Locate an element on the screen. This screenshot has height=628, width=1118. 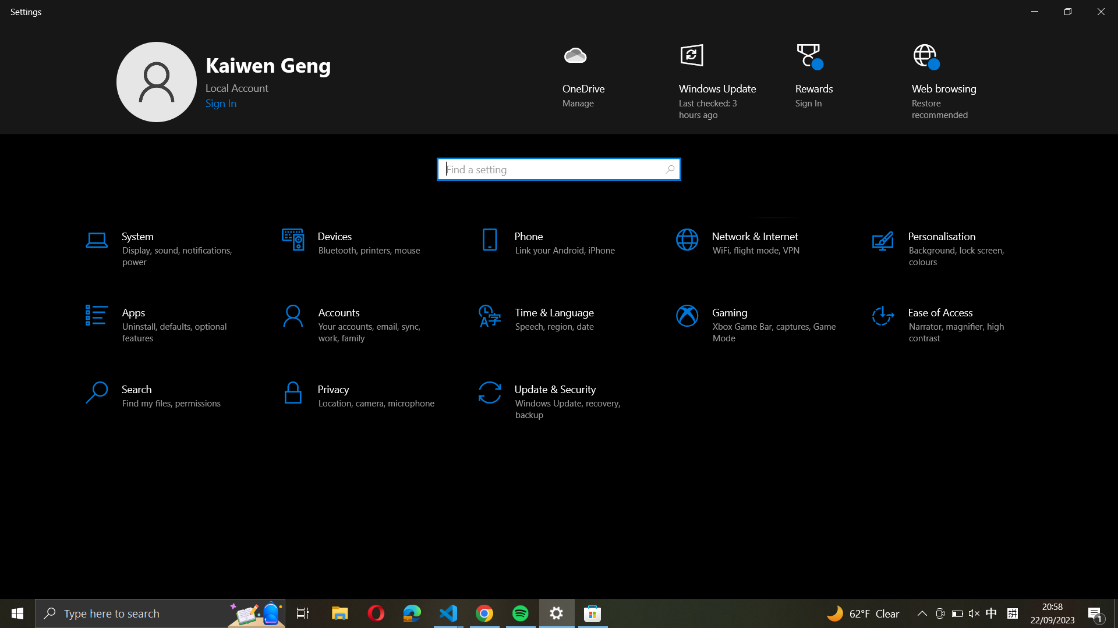
Execute a search using the string currently stored on the clipboard is located at coordinates (558, 168).